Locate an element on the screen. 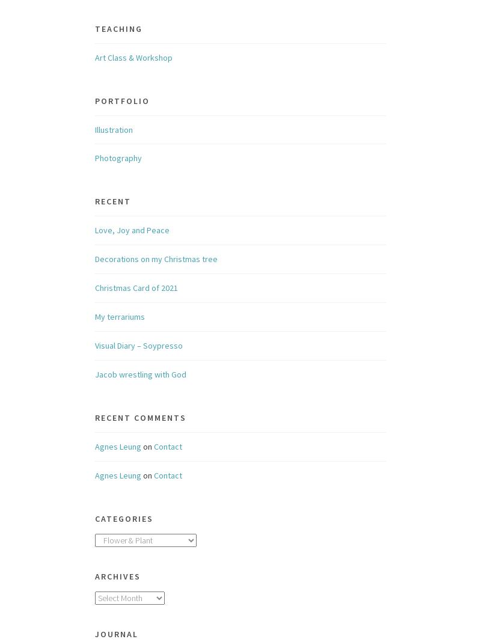 This screenshot has width=481, height=642. 'Photography' is located at coordinates (94, 158).